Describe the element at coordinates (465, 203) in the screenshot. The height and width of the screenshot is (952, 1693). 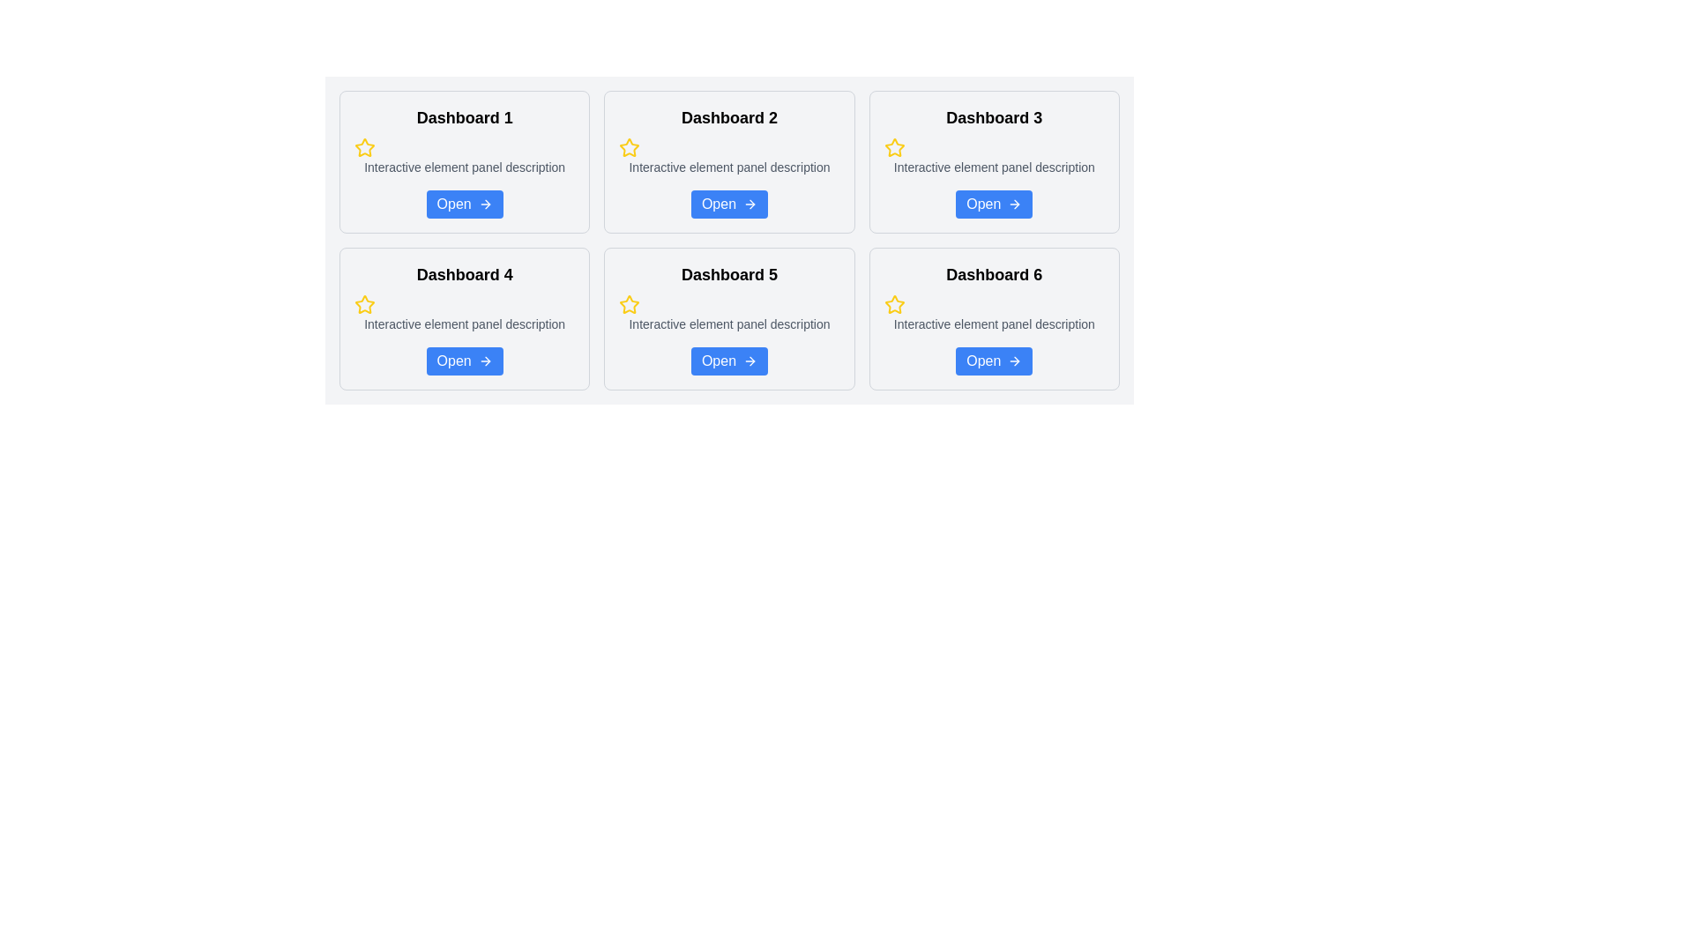
I see `the button located at the bottom of the card labeled 'Dashboard 1'` at that location.